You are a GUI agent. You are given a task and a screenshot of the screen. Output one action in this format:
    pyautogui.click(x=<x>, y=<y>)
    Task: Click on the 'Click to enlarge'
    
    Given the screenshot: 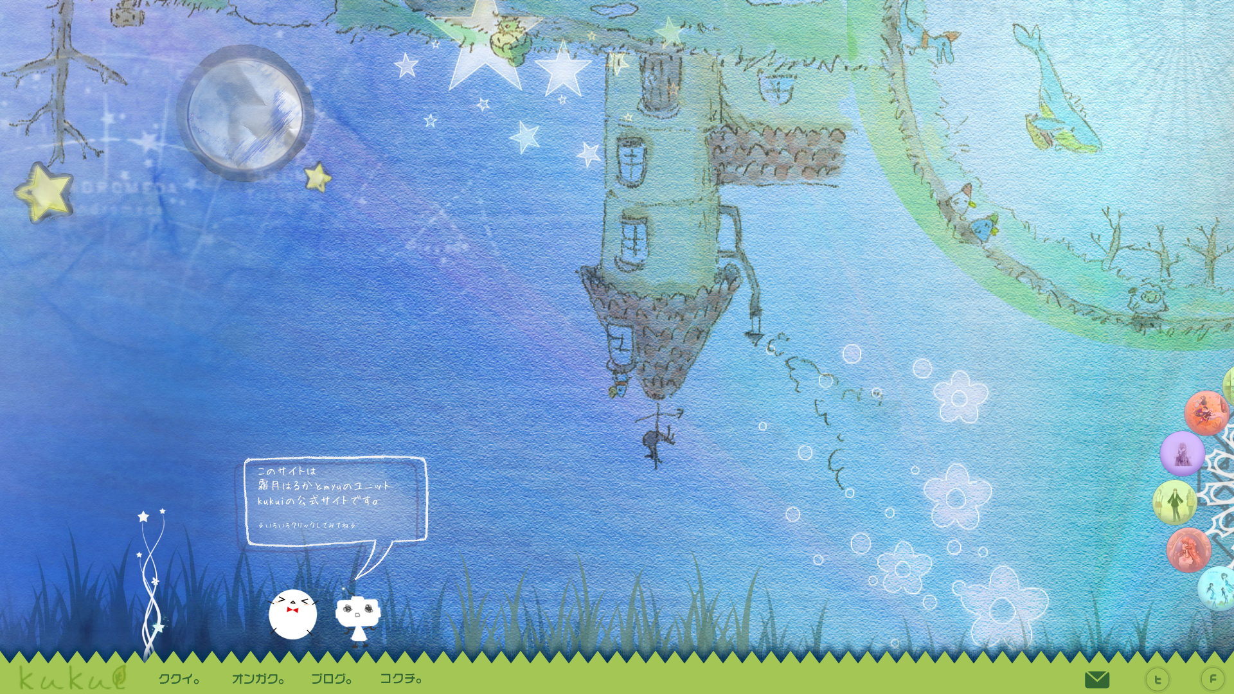 What is the action you would take?
    pyautogui.click(x=1166, y=549)
    